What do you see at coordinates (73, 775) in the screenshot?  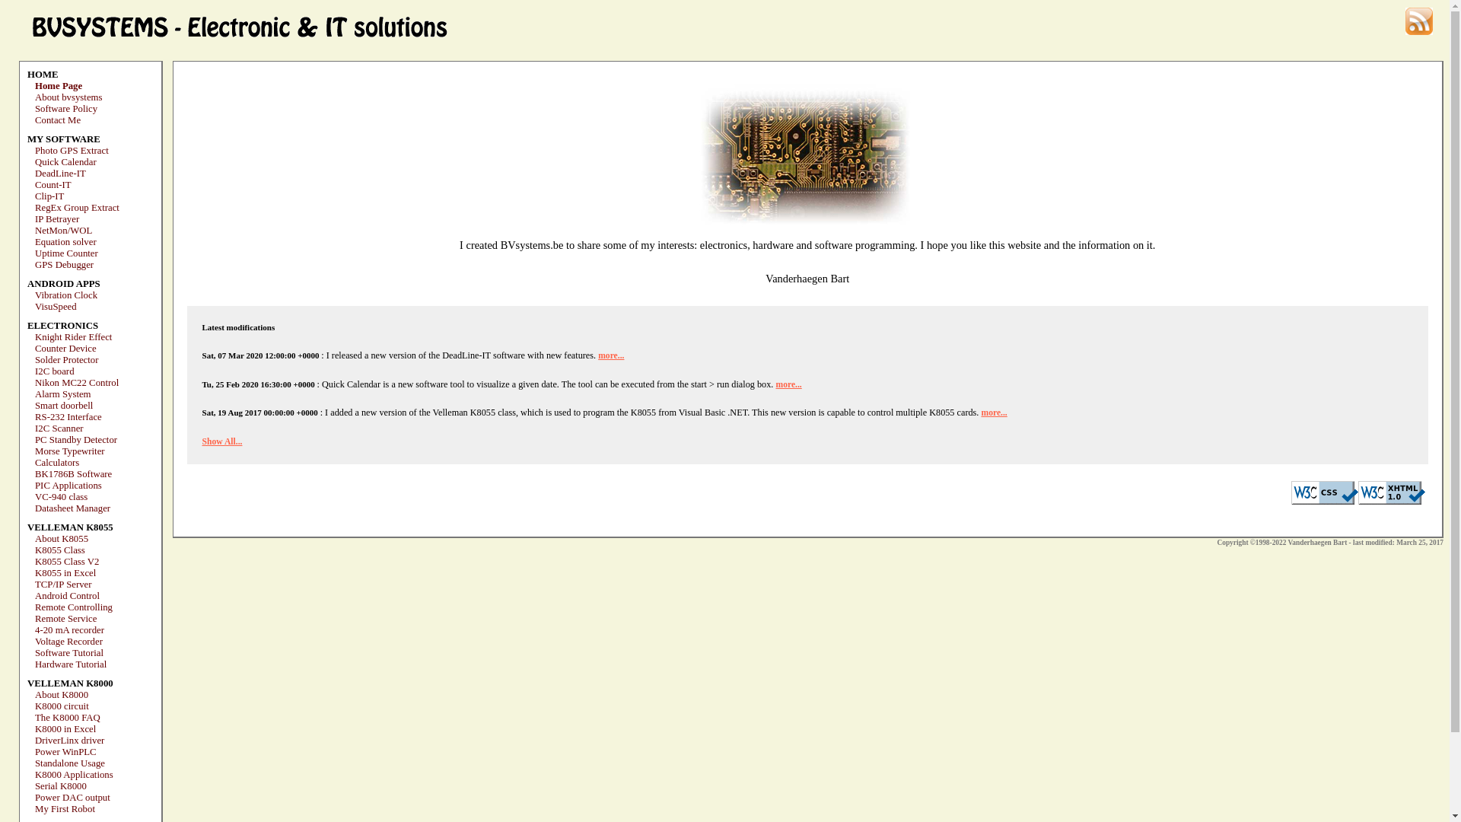 I see `'K8000 Applications'` at bounding box center [73, 775].